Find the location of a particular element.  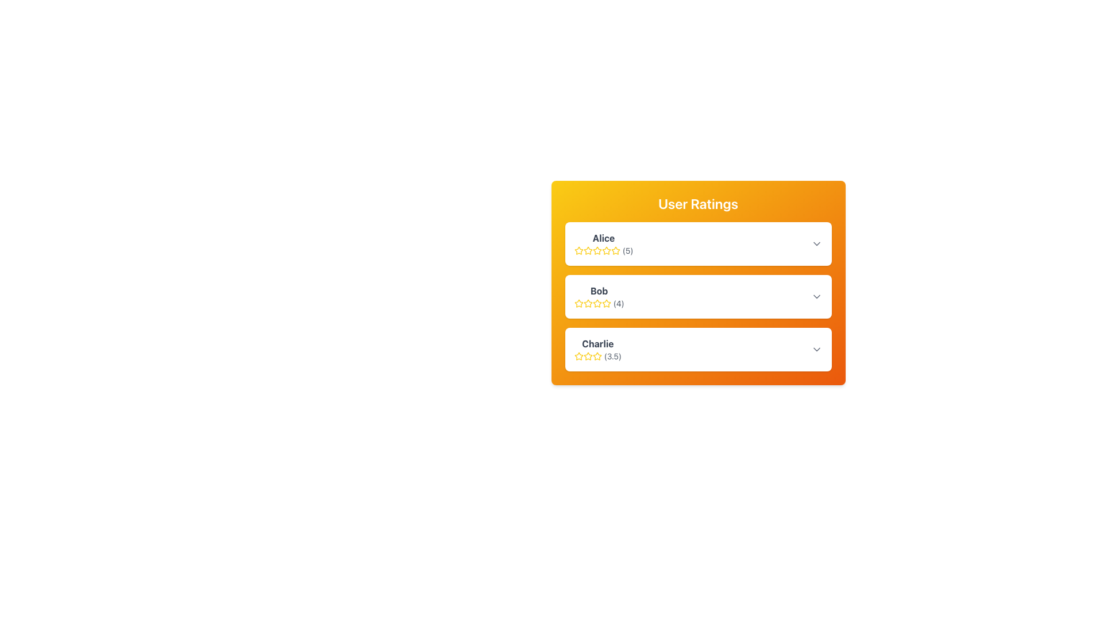

details by clicking on the second star in the star rating component for 'Alice' in the 'User Ratings' section is located at coordinates (615, 250).